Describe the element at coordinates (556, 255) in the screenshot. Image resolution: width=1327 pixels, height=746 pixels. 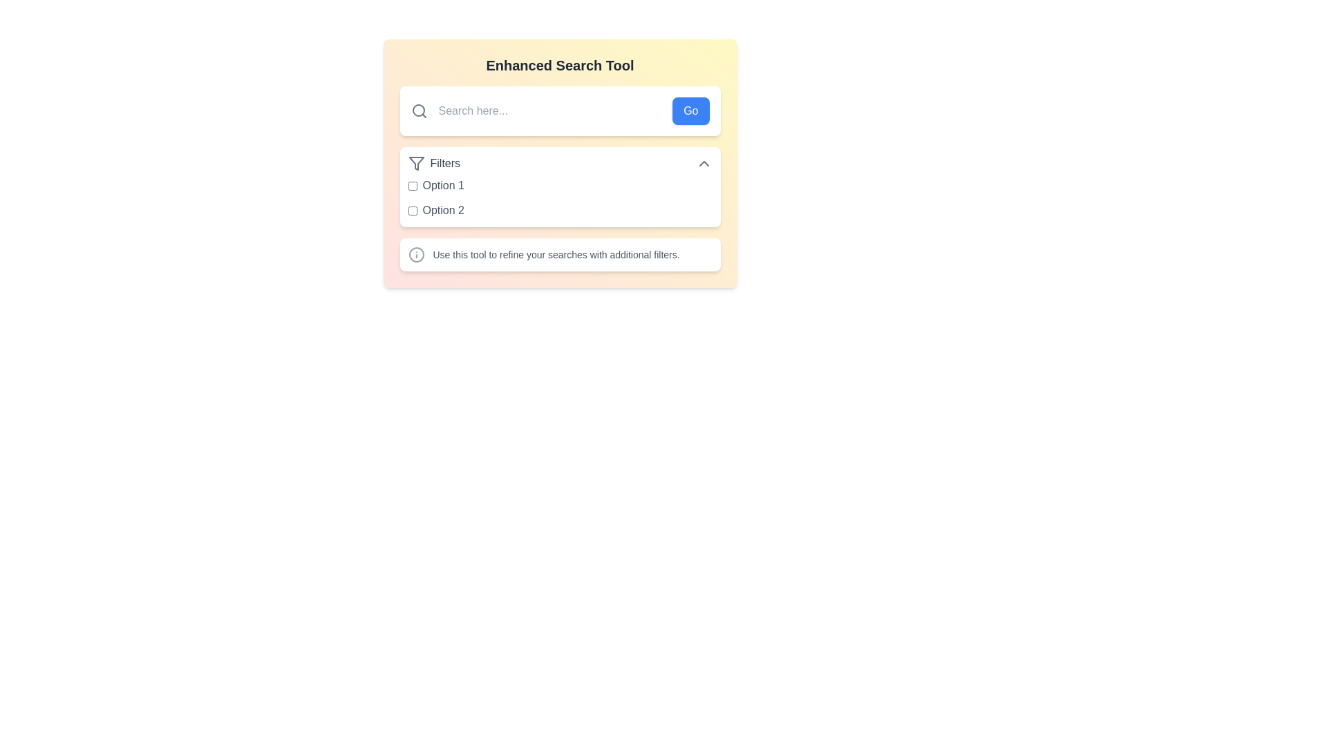
I see `the static text label that says 'Use this tool to refine your searches with additional filters.' located within a white rounded rectangular box below the 'Filters' dropdown` at that location.